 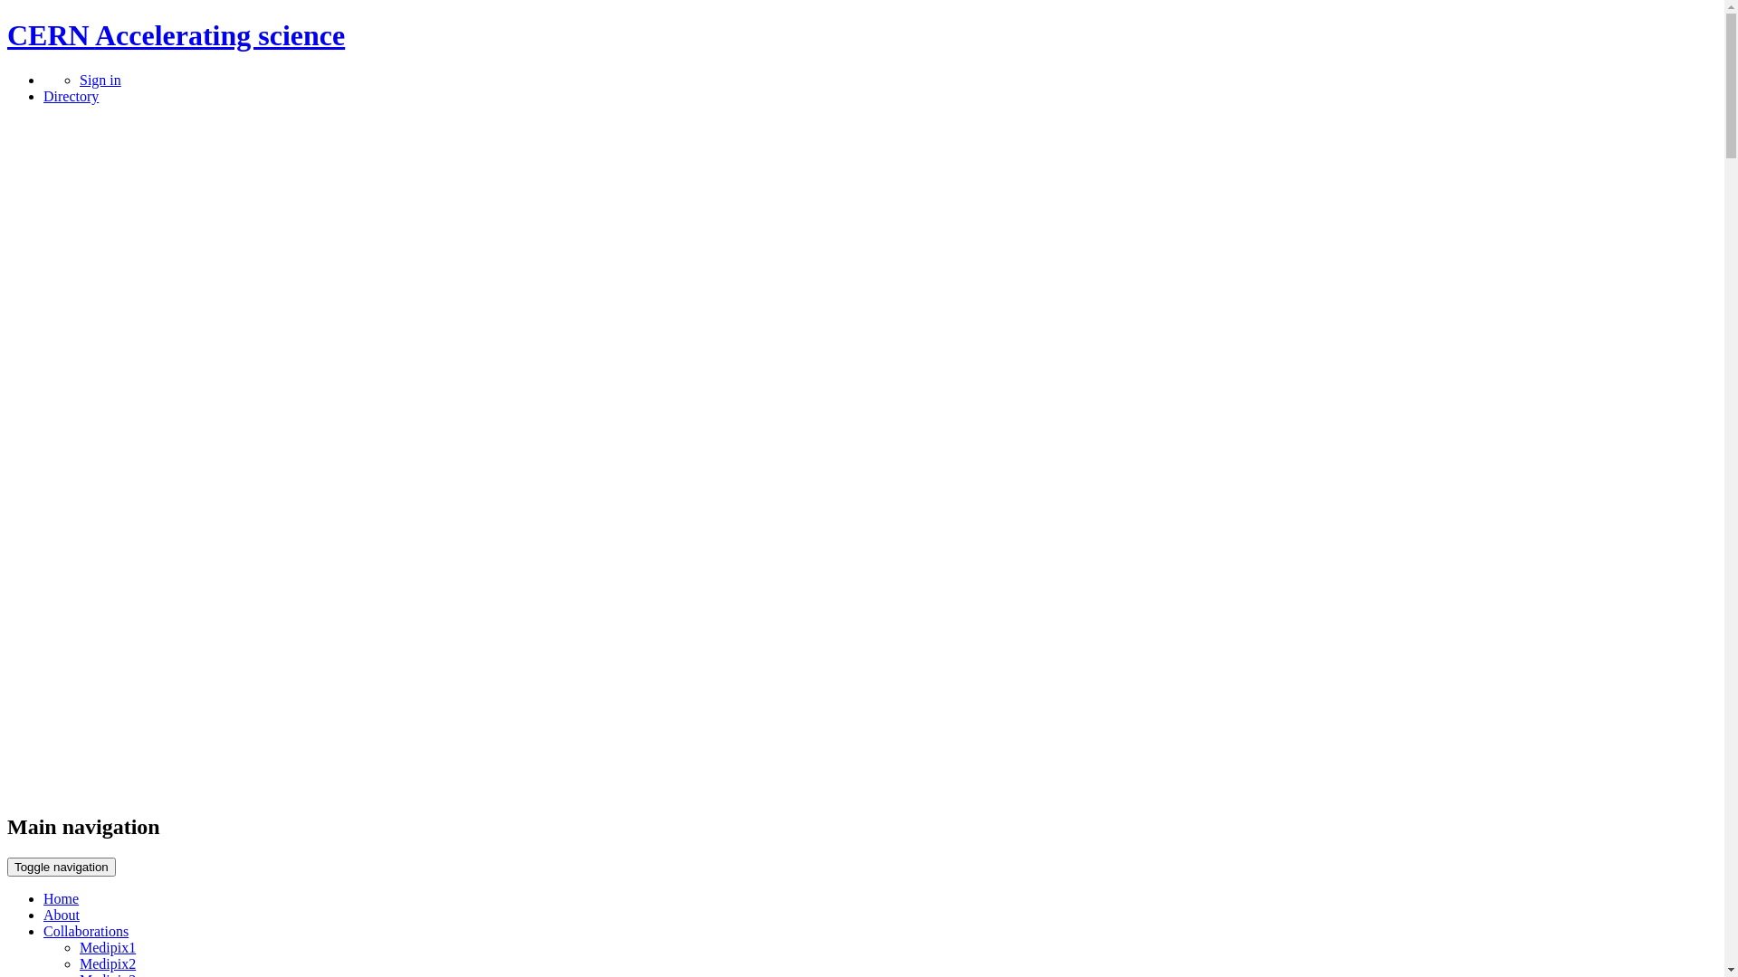 I want to click on 'Medipix1', so click(x=107, y=946).